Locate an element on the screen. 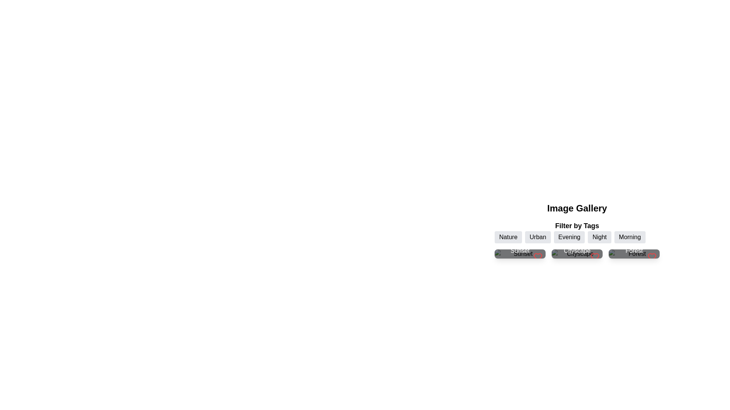 Image resolution: width=730 pixels, height=410 pixels. the third image card is located at coordinates (634, 254).